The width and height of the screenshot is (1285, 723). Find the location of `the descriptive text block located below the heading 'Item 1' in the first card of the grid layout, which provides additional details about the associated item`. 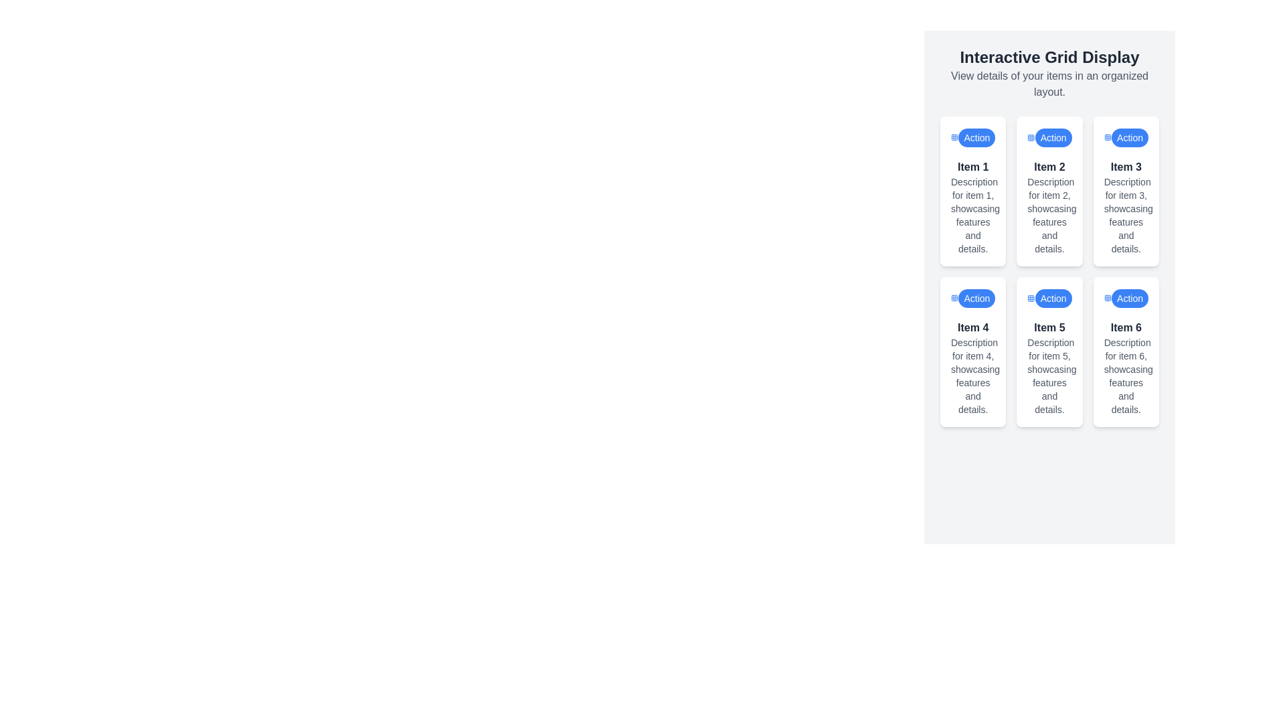

the descriptive text block located below the heading 'Item 1' in the first card of the grid layout, which provides additional details about the associated item is located at coordinates (973, 214).